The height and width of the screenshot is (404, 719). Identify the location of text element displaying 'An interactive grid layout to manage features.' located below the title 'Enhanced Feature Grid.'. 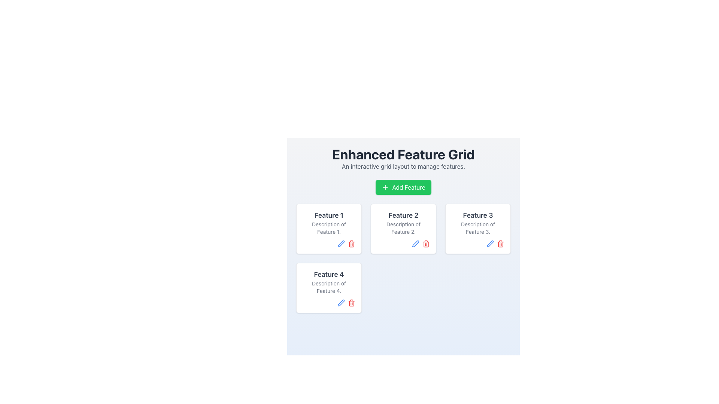
(403, 166).